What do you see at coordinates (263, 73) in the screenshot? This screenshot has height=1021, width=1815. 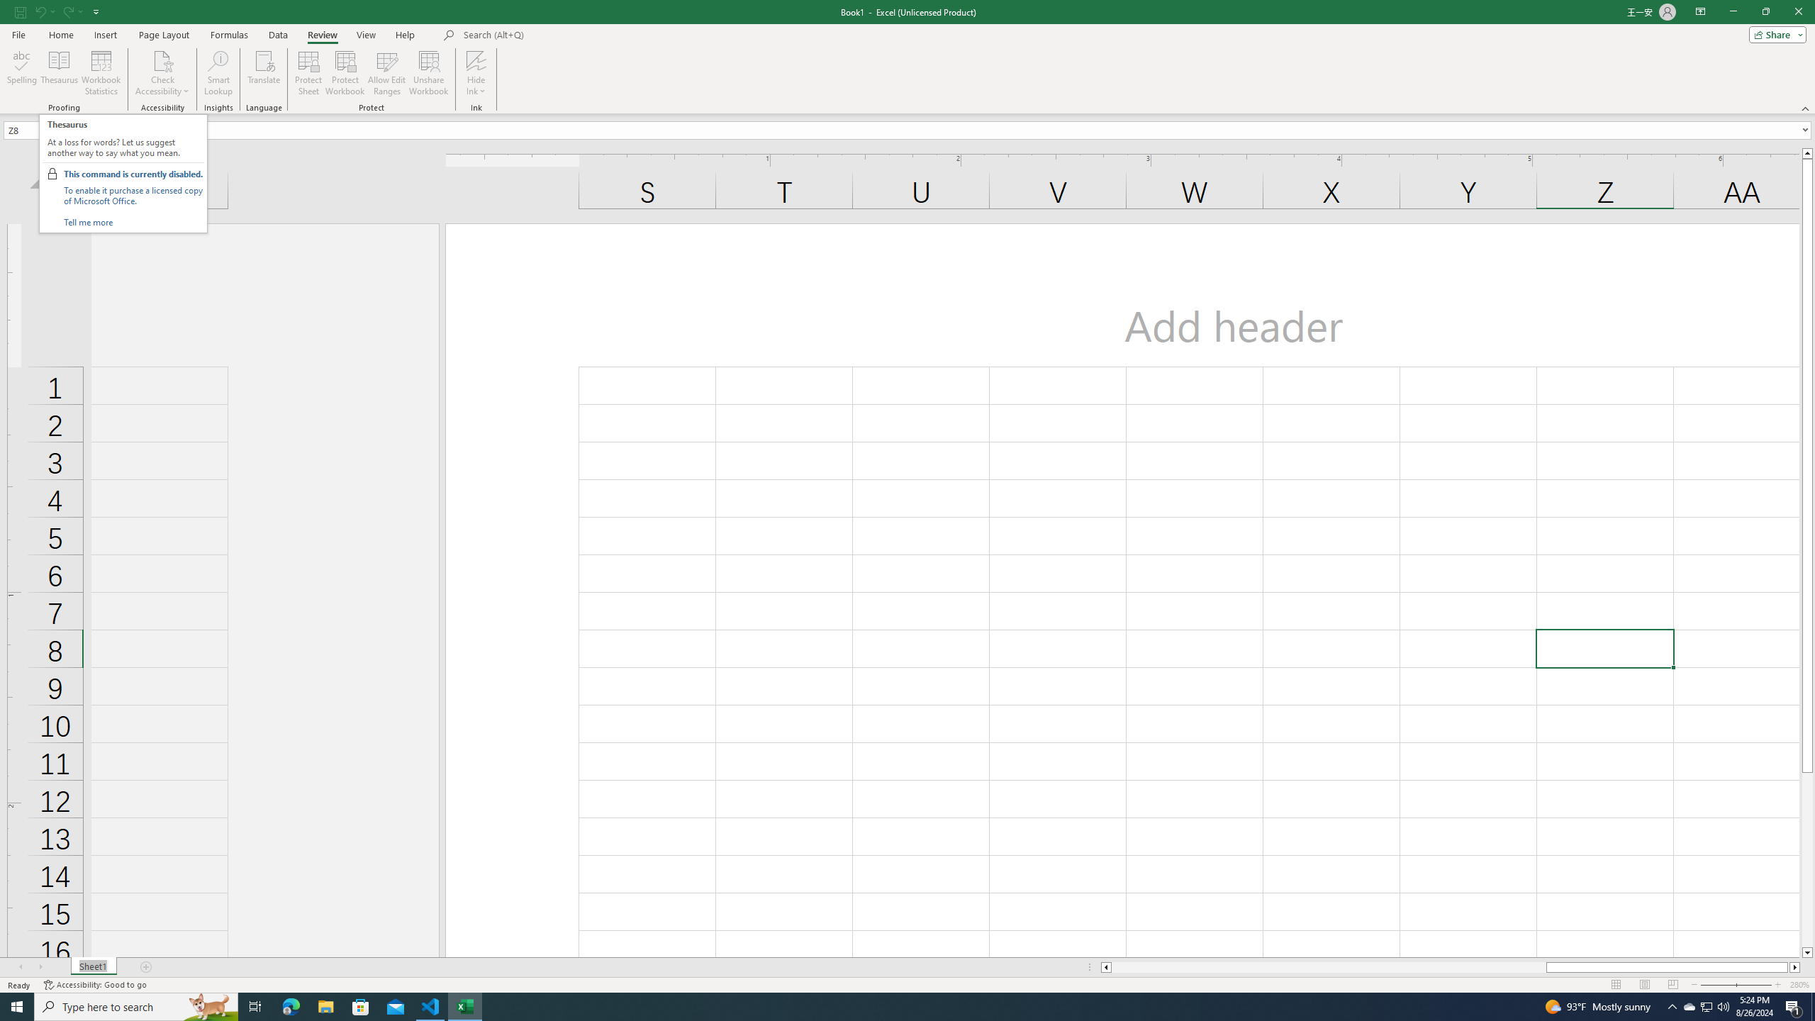 I see `'Translate'` at bounding box center [263, 73].